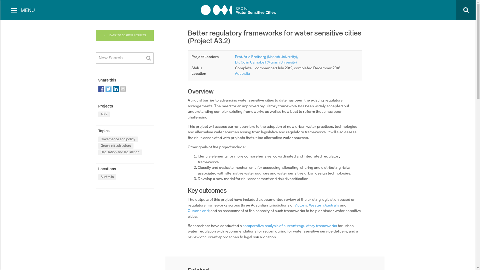 The image size is (480, 270). What do you see at coordinates (198, 211) in the screenshot?
I see `'Queensland'` at bounding box center [198, 211].